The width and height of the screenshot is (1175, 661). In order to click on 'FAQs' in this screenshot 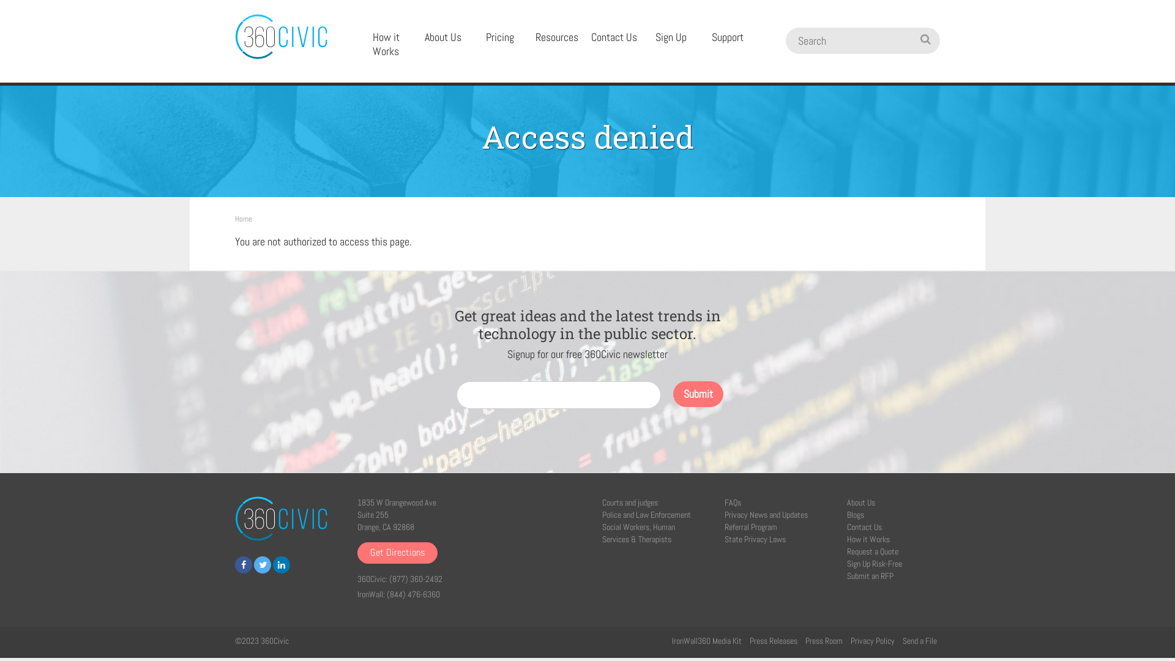, I will do `click(733, 502)`.